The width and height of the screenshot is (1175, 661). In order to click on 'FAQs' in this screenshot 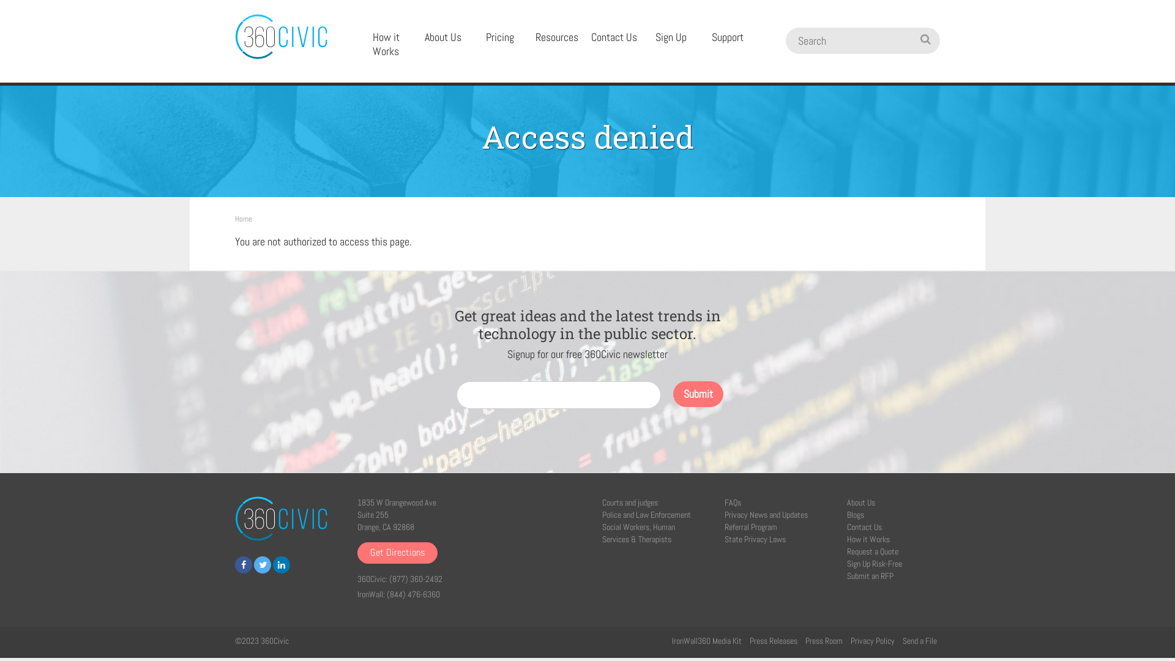, I will do `click(733, 502)`.